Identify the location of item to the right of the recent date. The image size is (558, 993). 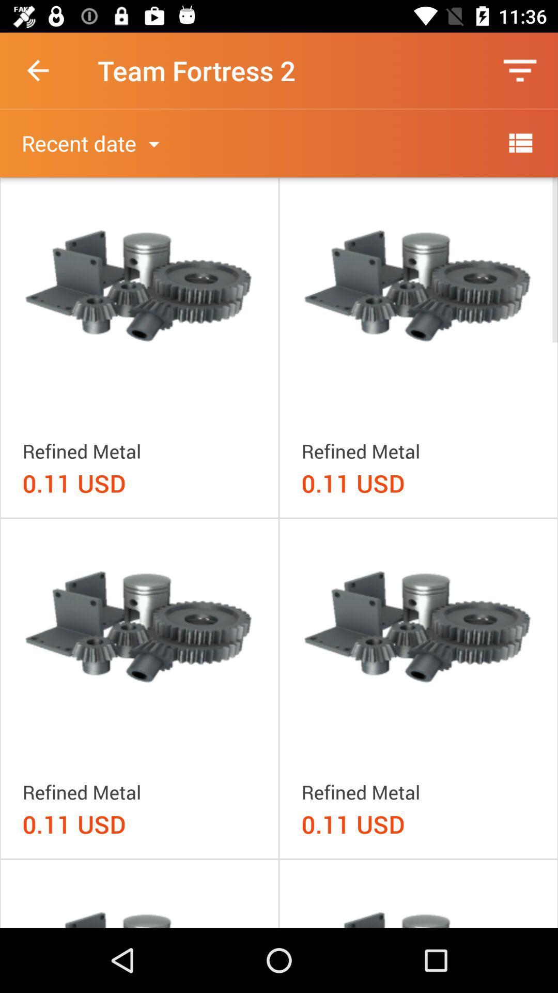
(520, 142).